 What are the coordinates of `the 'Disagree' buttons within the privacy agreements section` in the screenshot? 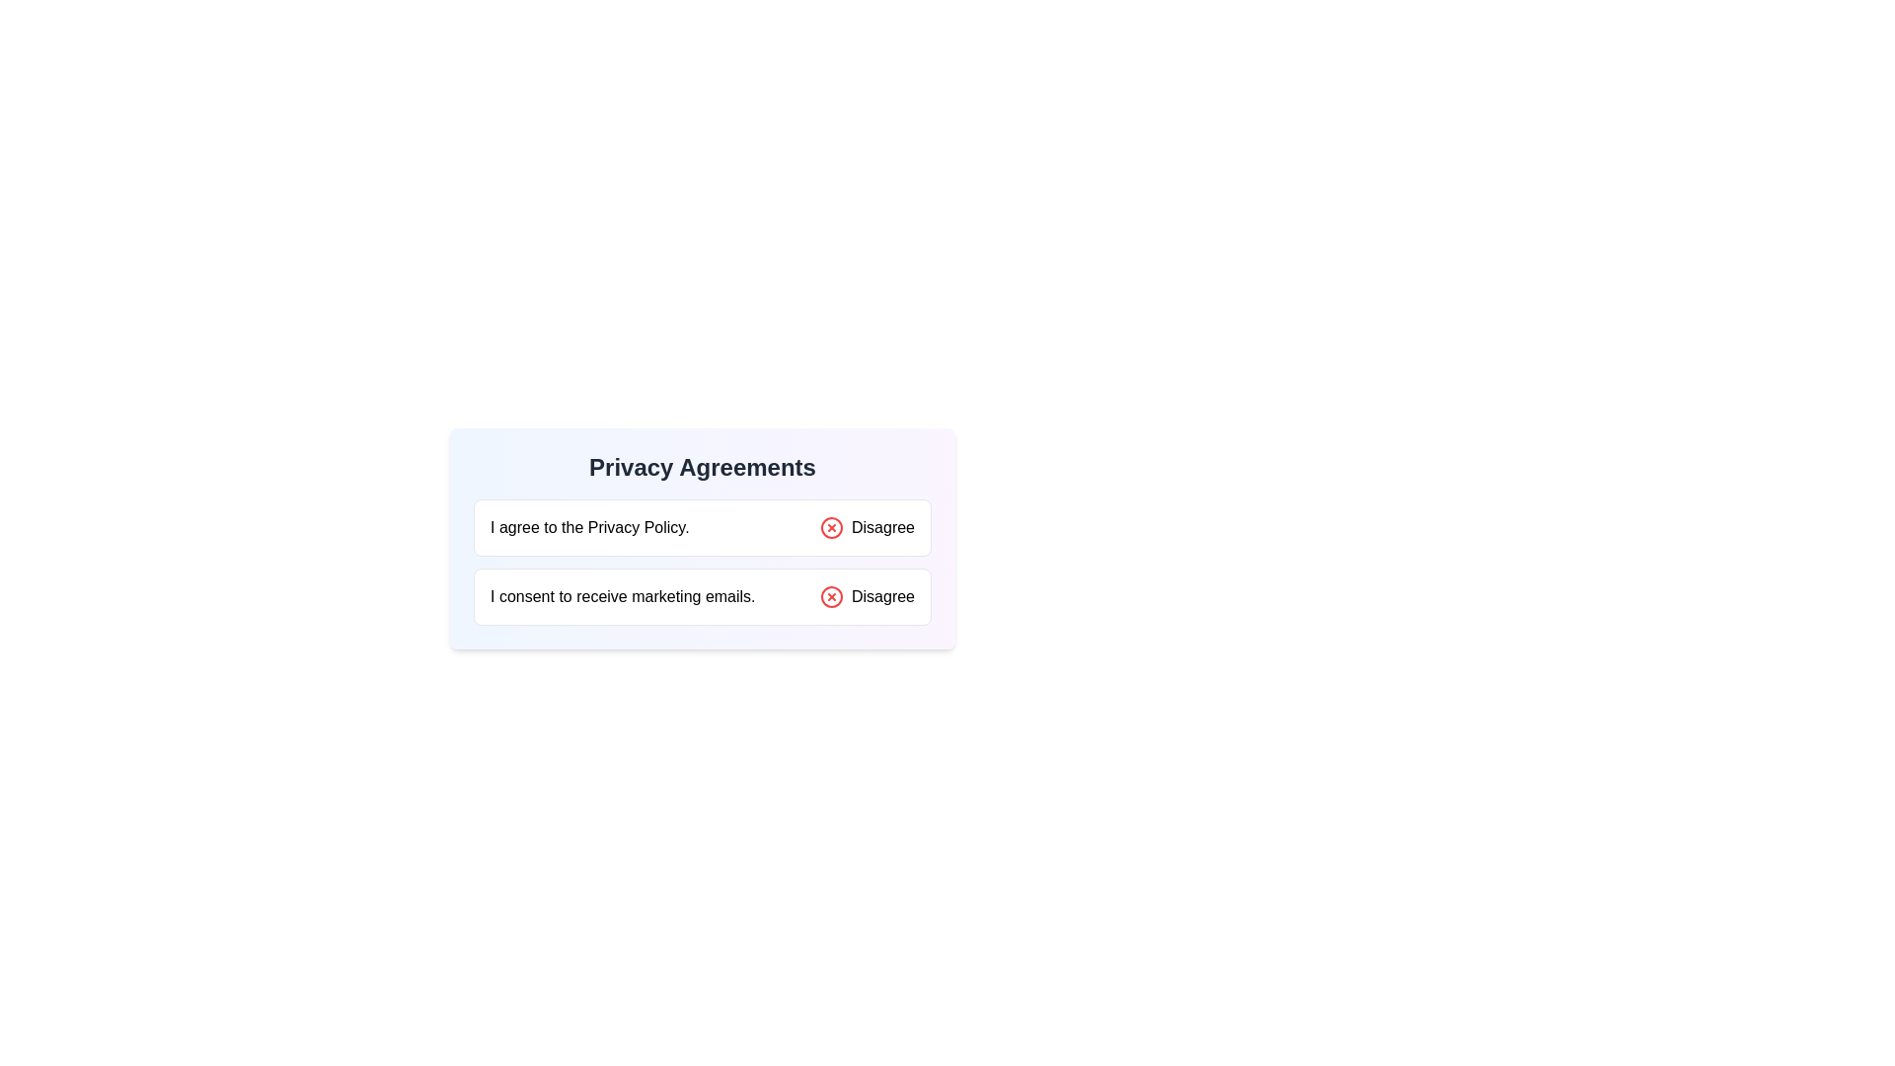 It's located at (702, 539).